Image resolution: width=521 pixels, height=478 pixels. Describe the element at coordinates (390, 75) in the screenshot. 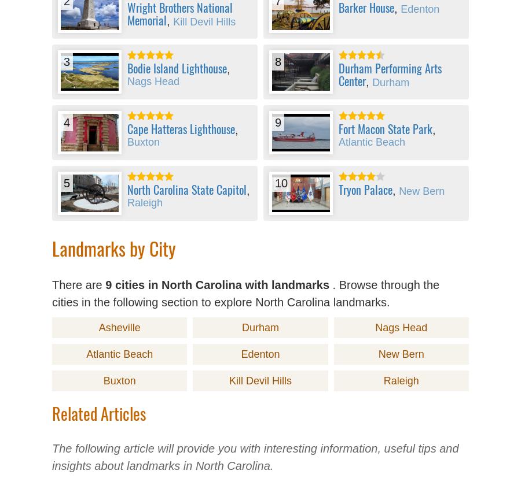

I see `'Durham Performing Arts Center'` at that location.